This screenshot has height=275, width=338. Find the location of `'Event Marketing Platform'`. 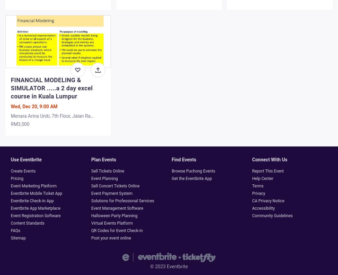

'Event Marketing Platform' is located at coordinates (11, 186).